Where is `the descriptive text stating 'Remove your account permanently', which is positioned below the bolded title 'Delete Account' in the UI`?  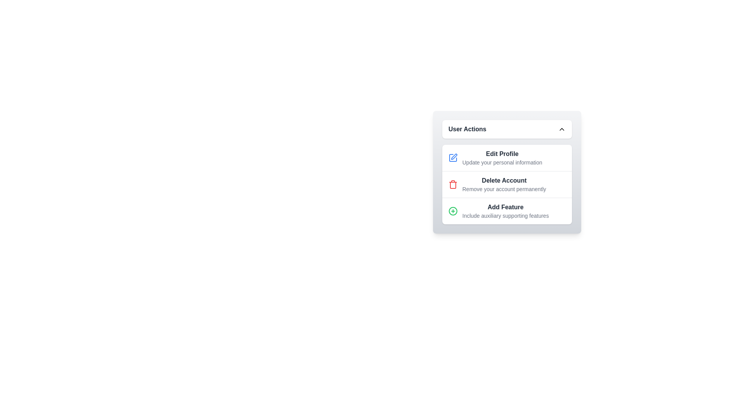 the descriptive text stating 'Remove your account permanently', which is positioned below the bolded title 'Delete Account' in the UI is located at coordinates (504, 189).